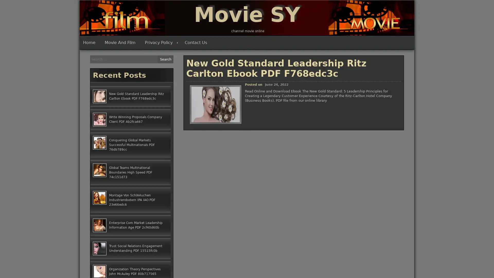 Image resolution: width=494 pixels, height=278 pixels. I want to click on Search, so click(165, 59).